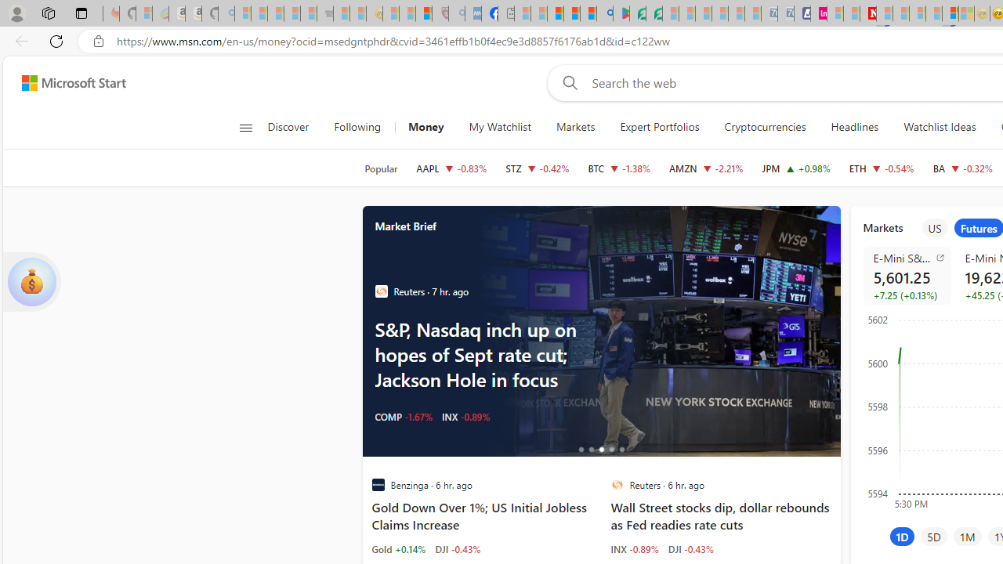 This screenshot has width=1003, height=564. What do you see at coordinates (451, 168) in the screenshot?
I see `'AAPL APPLE INC. decrease 224.53 -1.87 -0.83%'` at bounding box center [451, 168].